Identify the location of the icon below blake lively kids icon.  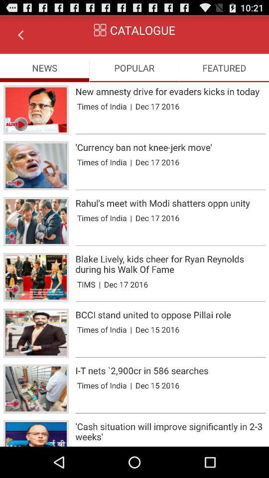
(86, 284).